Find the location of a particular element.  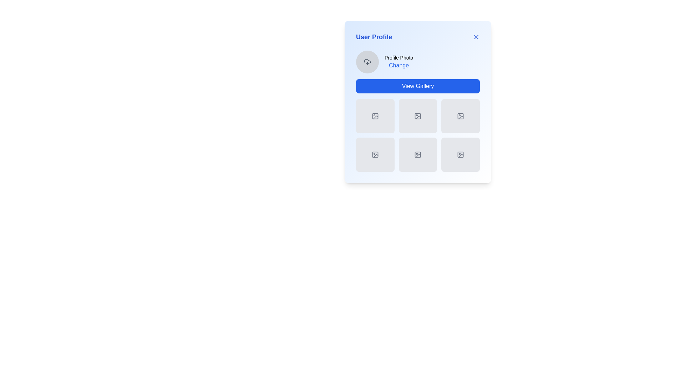

the small rectangle with slightly rounded corners located in the lower-most row of a 3x2 grid of containers, which is part of an SVG-based icon representing an image, below the 'View Gallery' button in the 'User Profile' dialog box is located at coordinates (418, 154).